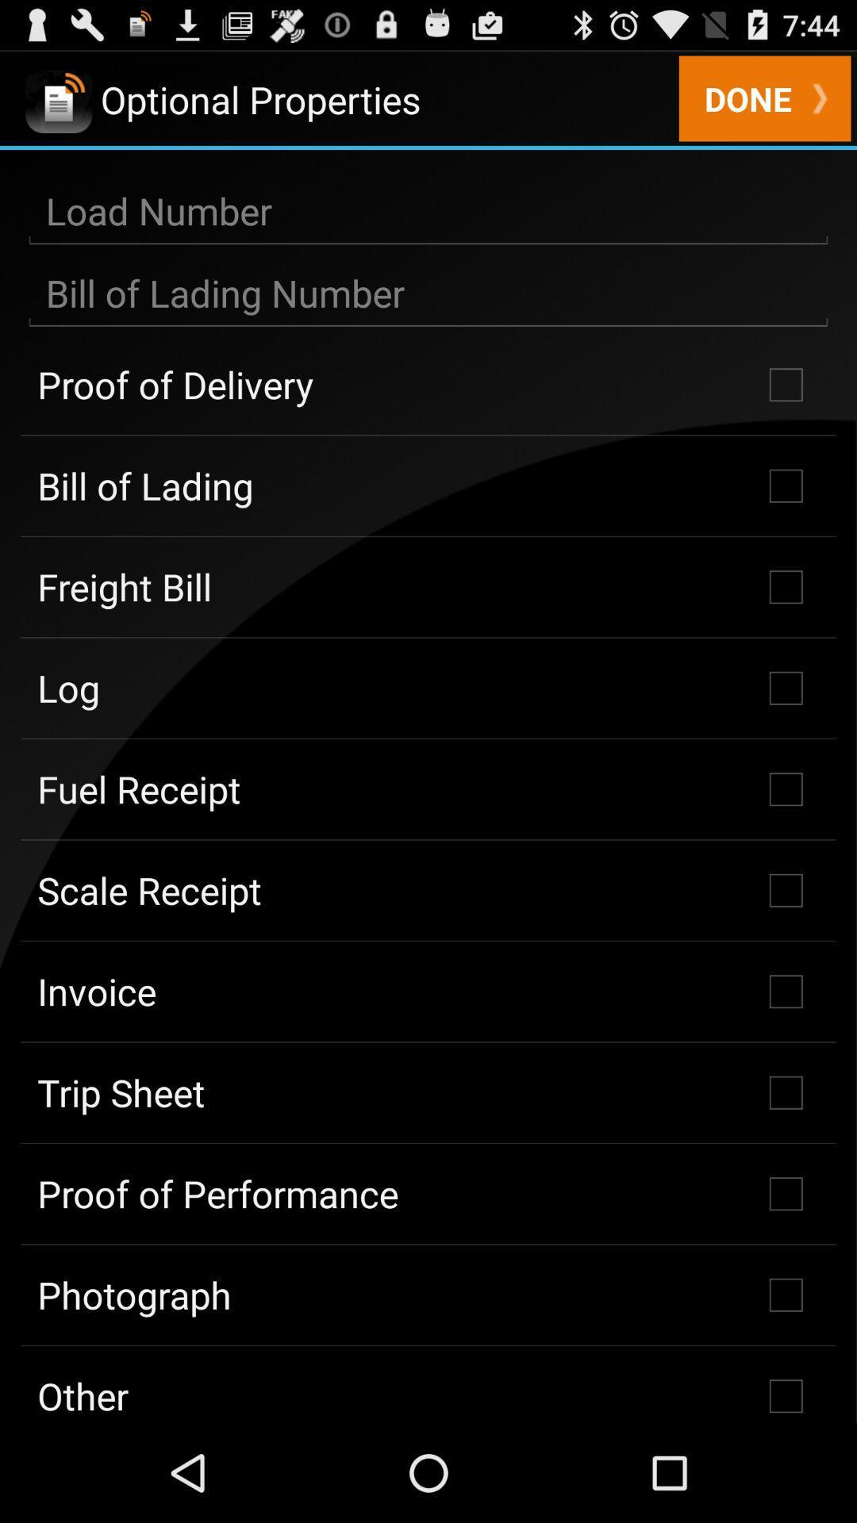 This screenshot has width=857, height=1523. Describe the element at coordinates (428, 991) in the screenshot. I see `item below the scale receipt icon` at that location.